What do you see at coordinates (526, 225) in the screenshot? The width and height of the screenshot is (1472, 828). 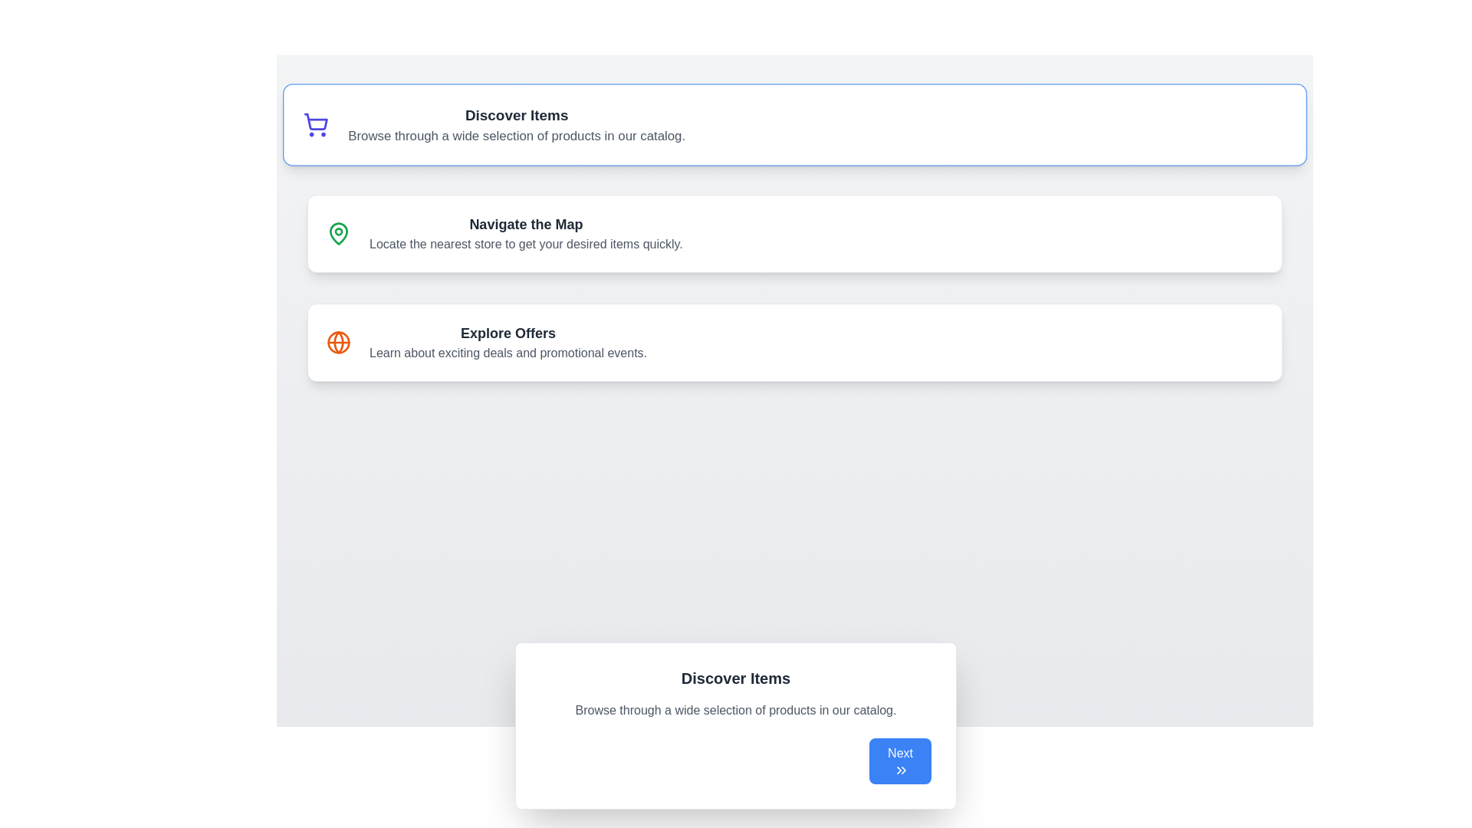 I see `the Text label that serves as a title for the related section, positioned centrally between the 'Discover Items' and 'Explore Offers' sections` at bounding box center [526, 225].